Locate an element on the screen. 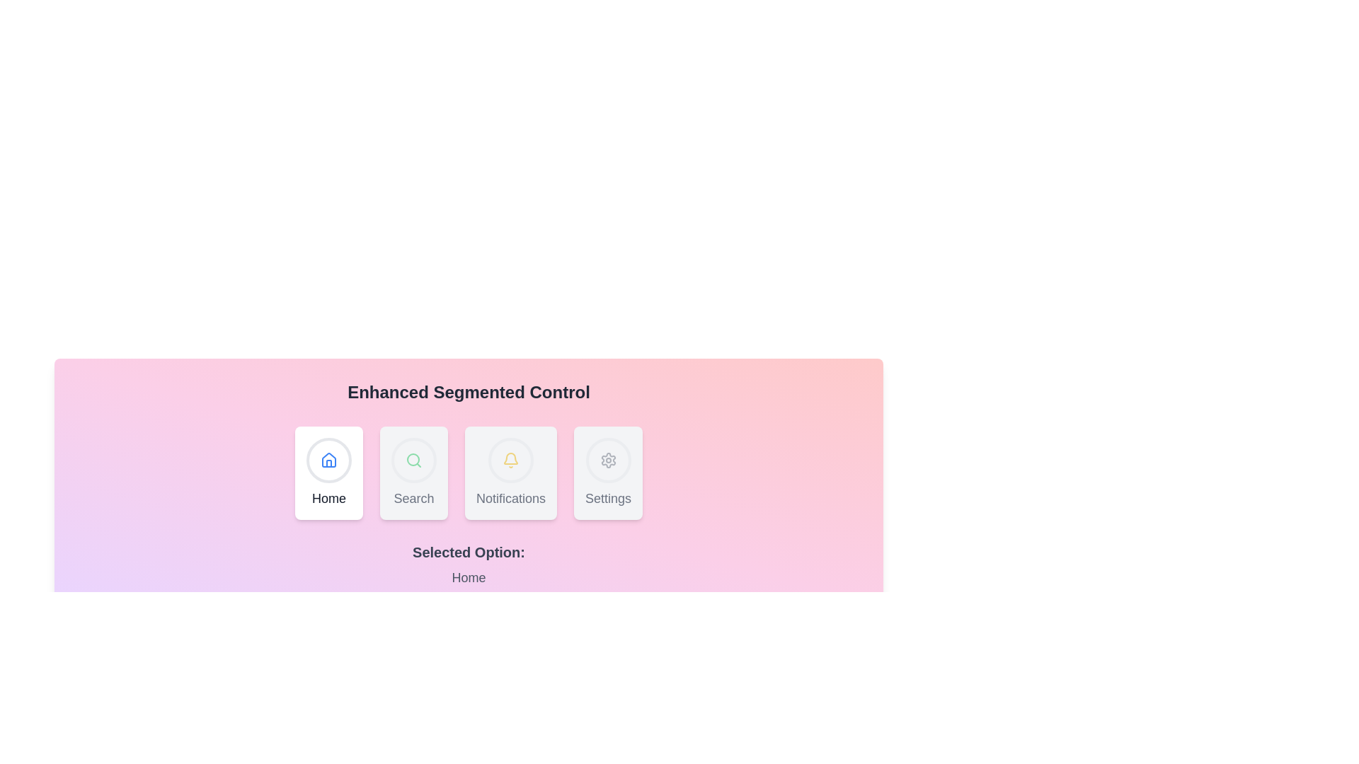 Image resolution: width=1359 pixels, height=764 pixels. the 'Notifications' option of the Interactive segmented control to indicate interaction readiness is located at coordinates (469, 473).